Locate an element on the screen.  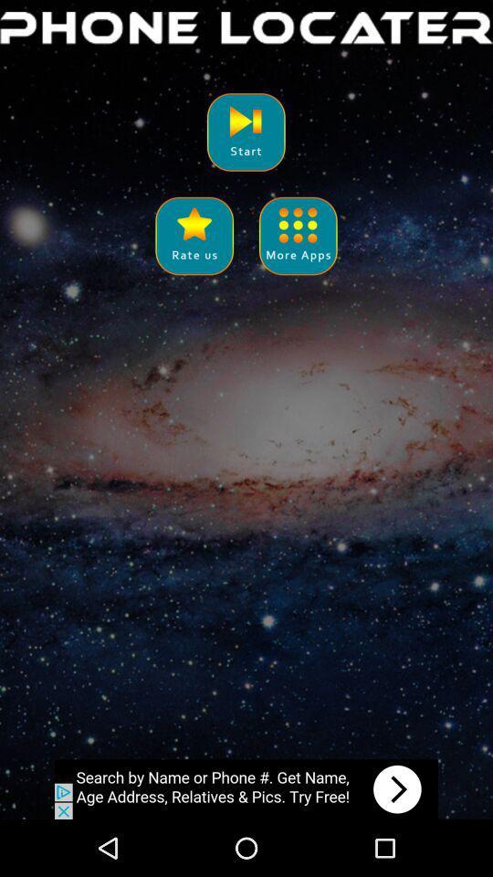
start option is located at coordinates (246, 131).